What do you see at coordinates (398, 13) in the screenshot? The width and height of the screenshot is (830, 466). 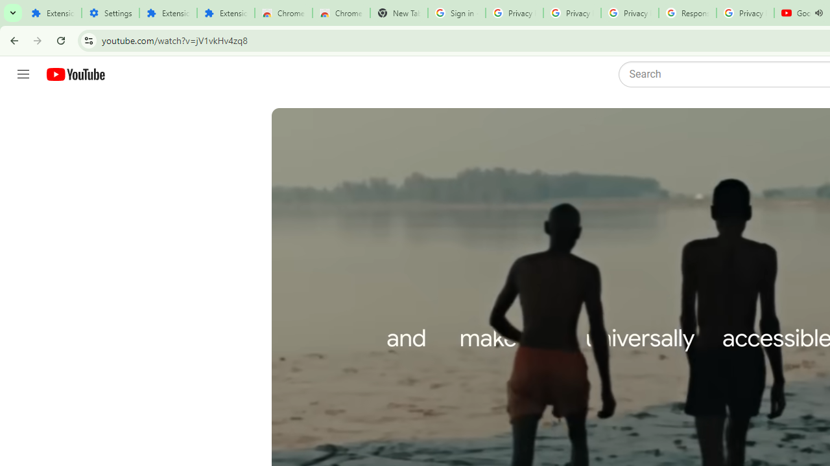 I see `'New Tab'` at bounding box center [398, 13].